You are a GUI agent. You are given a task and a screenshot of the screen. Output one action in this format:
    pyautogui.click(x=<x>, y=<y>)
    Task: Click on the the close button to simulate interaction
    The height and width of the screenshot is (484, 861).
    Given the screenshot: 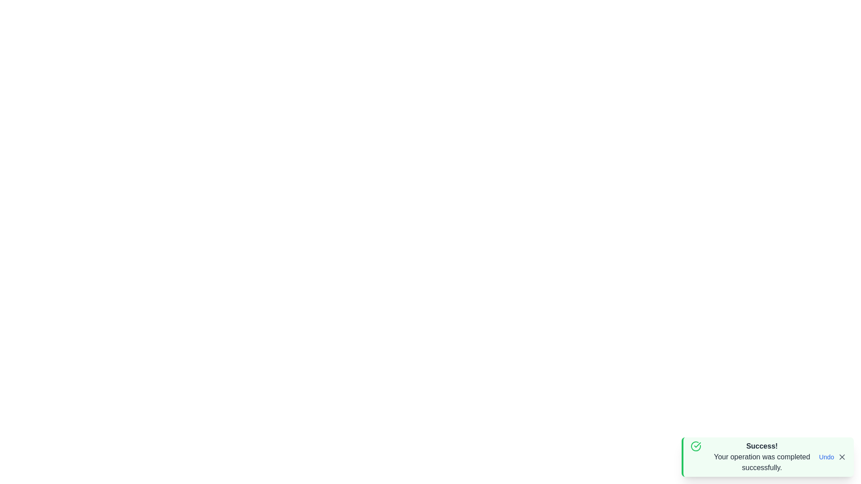 What is the action you would take?
    pyautogui.click(x=841, y=457)
    